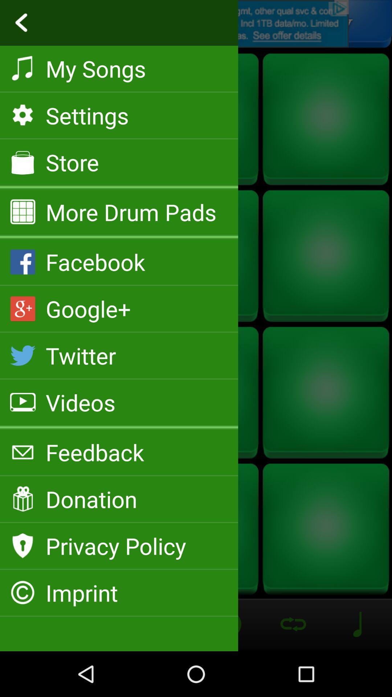 The image size is (392, 697). What do you see at coordinates (196, 24) in the screenshot?
I see `previous` at bounding box center [196, 24].